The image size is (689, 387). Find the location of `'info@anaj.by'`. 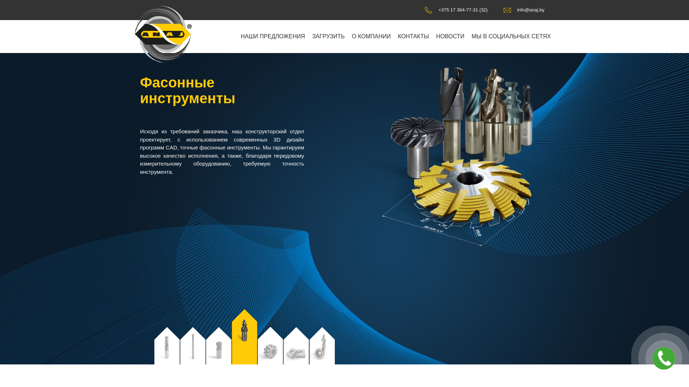

'info@anaj.by' is located at coordinates (524, 10).